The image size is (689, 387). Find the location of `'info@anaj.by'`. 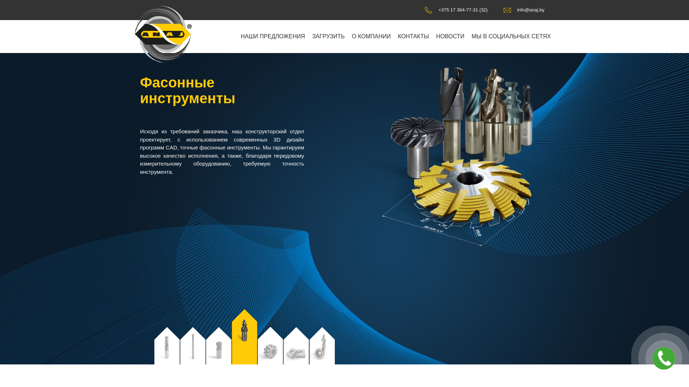

'info@anaj.by' is located at coordinates (524, 10).